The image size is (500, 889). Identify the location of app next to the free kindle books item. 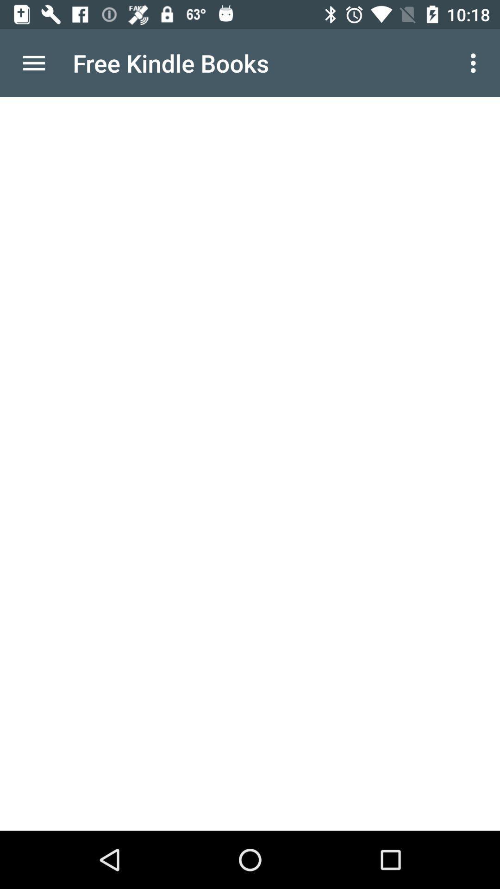
(475, 63).